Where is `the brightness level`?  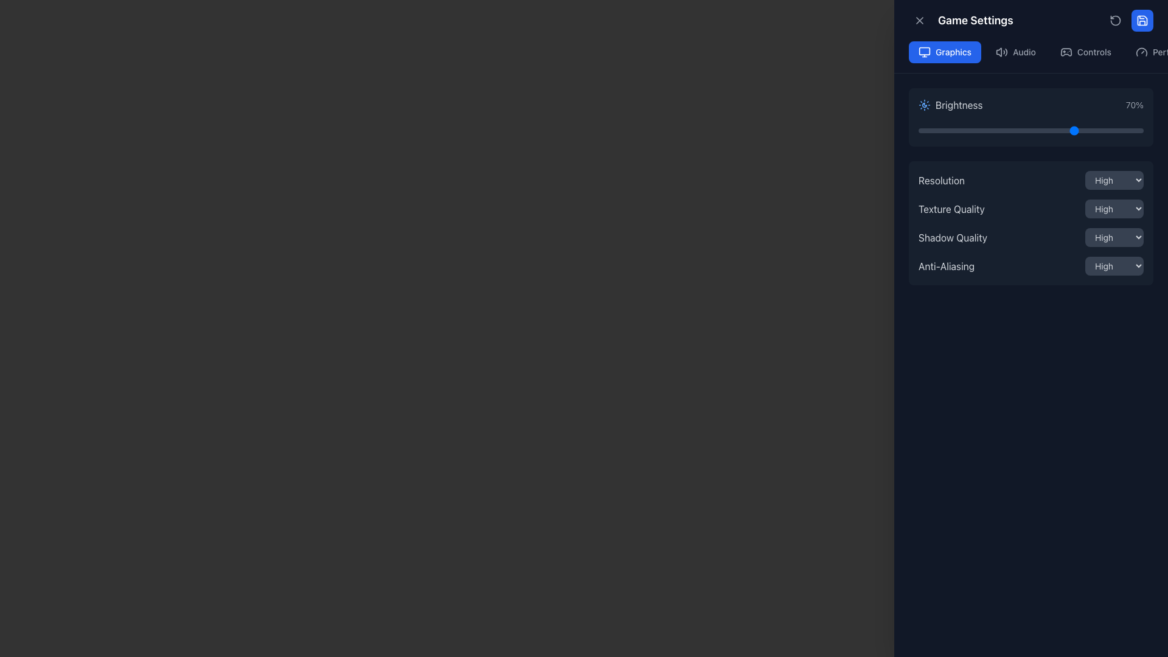 the brightness level is located at coordinates (919, 131).